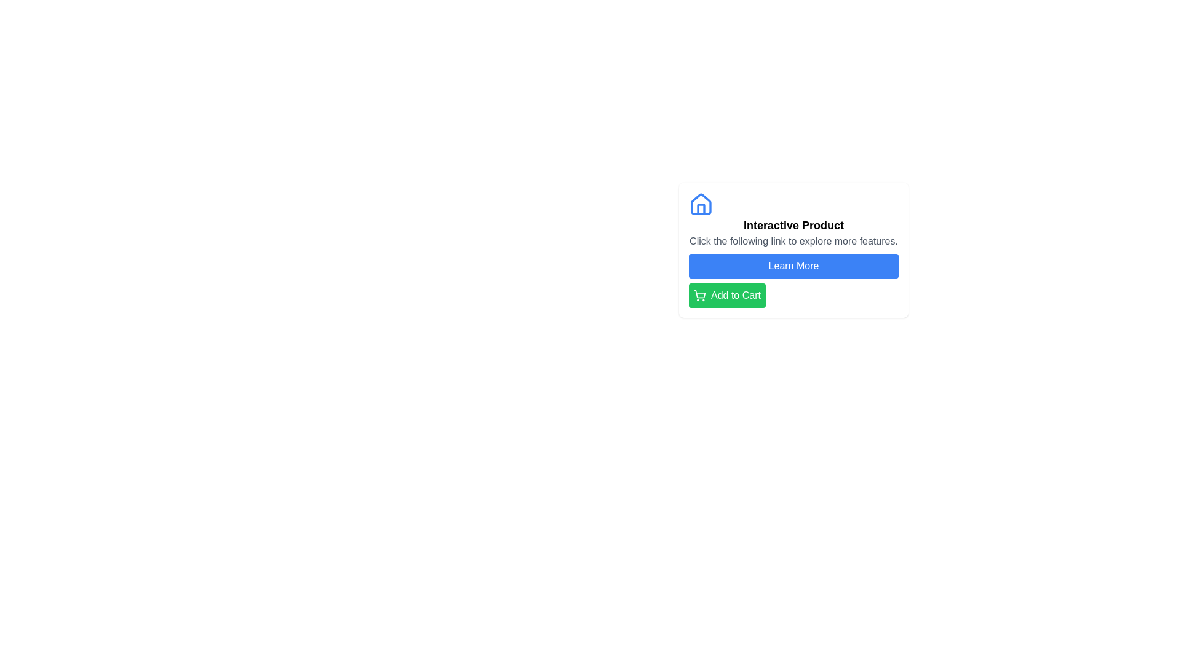 Image resolution: width=1181 pixels, height=664 pixels. What do you see at coordinates (699, 296) in the screenshot?
I see `the small shopping cart icon with a wireframe design on a green background` at bounding box center [699, 296].